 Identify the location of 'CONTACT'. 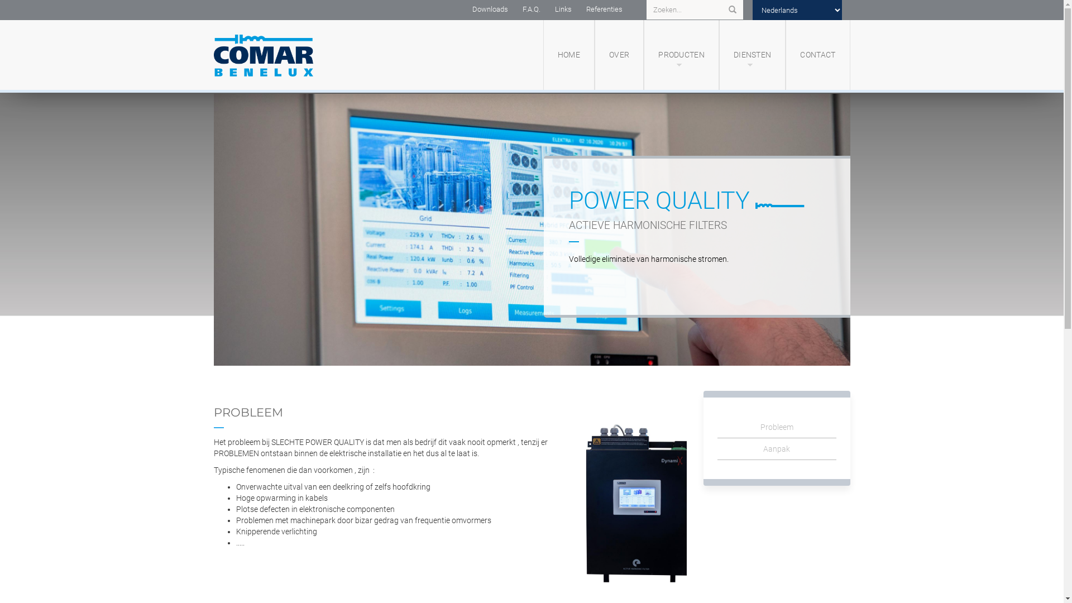
(817, 55).